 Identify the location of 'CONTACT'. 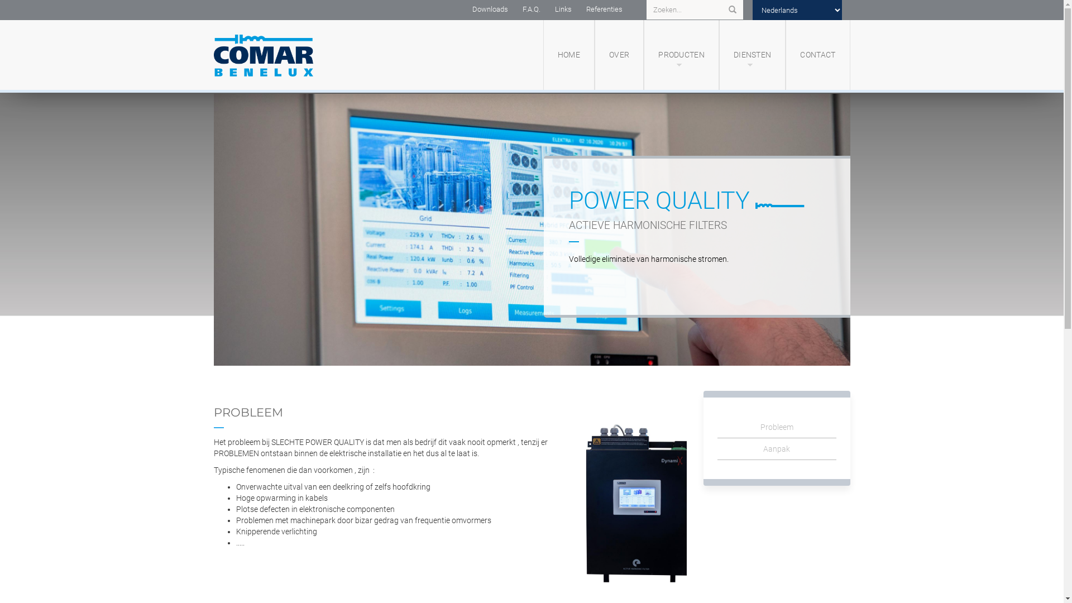
(817, 55).